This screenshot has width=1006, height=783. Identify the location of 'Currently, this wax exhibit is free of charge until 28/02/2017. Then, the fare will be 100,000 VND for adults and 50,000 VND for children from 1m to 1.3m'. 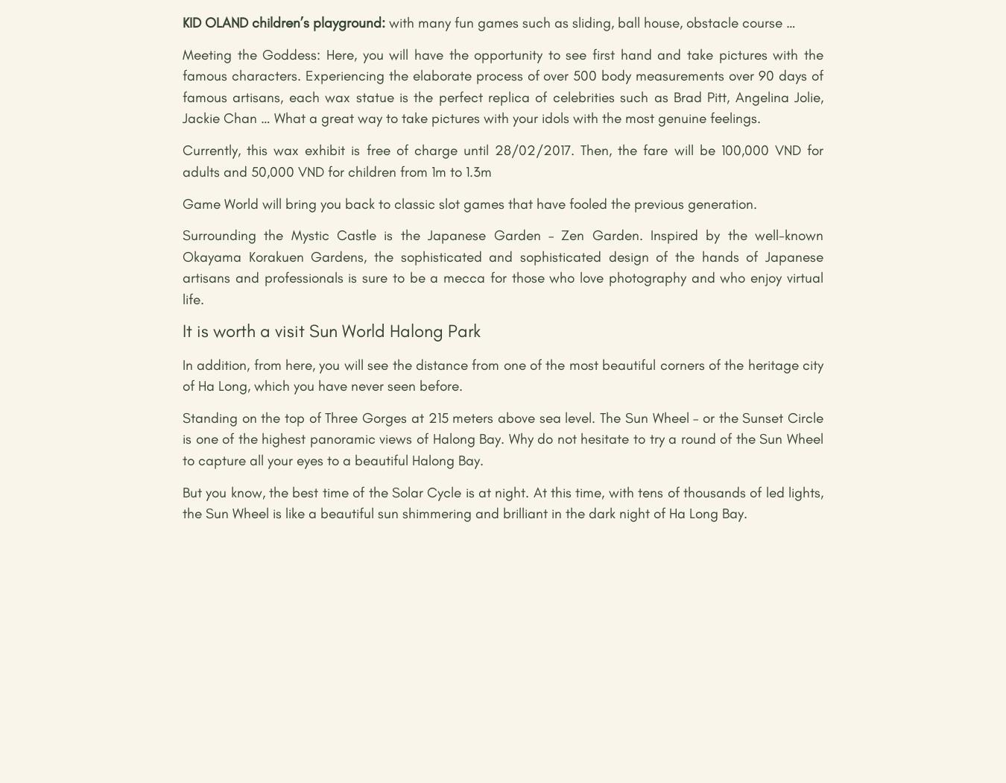
(503, 160).